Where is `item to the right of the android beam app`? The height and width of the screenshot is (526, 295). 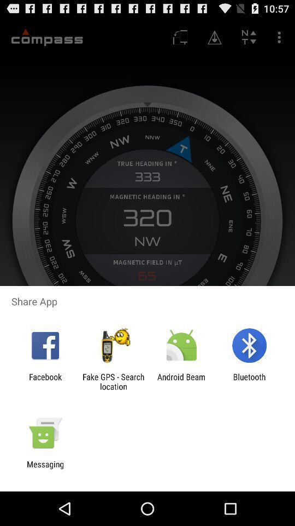 item to the right of the android beam app is located at coordinates (249, 381).